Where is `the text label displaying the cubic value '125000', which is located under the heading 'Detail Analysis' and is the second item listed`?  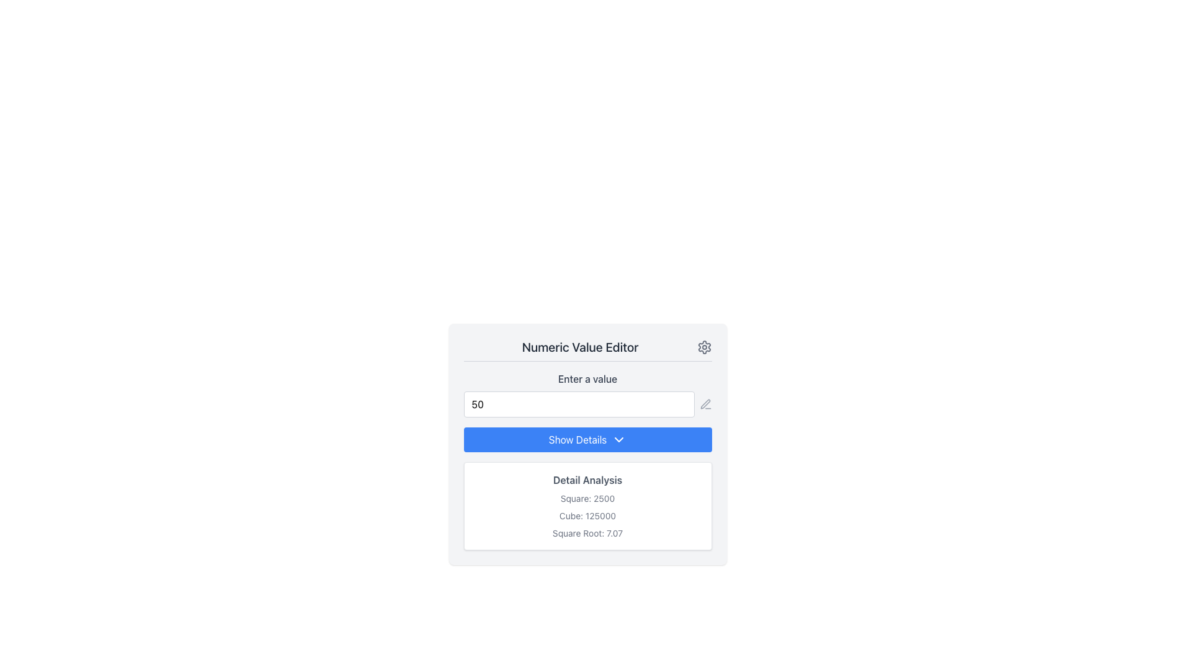 the text label displaying the cubic value '125000', which is located under the heading 'Detail Analysis' and is the second item listed is located at coordinates (587, 516).